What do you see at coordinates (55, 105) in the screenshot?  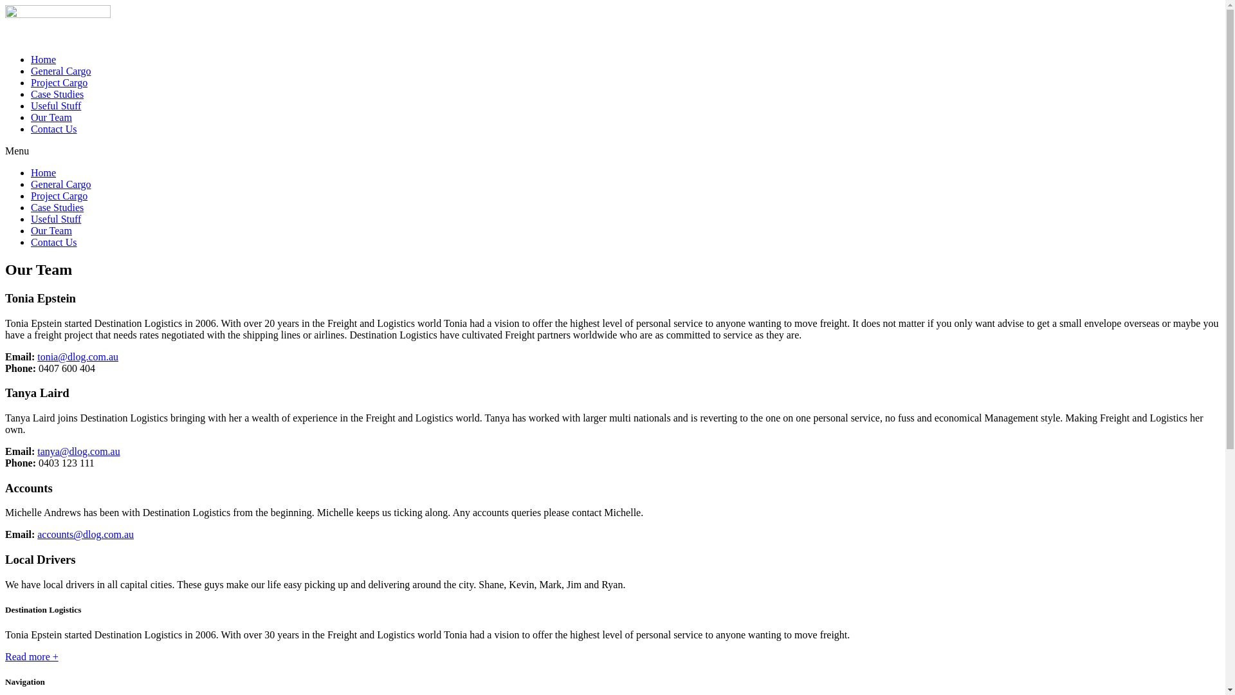 I see `'Useful Stuff'` at bounding box center [55, 105].